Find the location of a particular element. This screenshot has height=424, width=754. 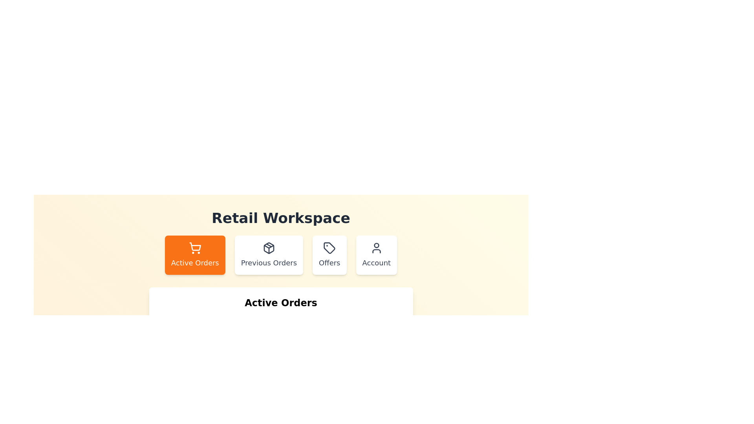

the Offers tab to switch to it is located at coordinates (329, 255).